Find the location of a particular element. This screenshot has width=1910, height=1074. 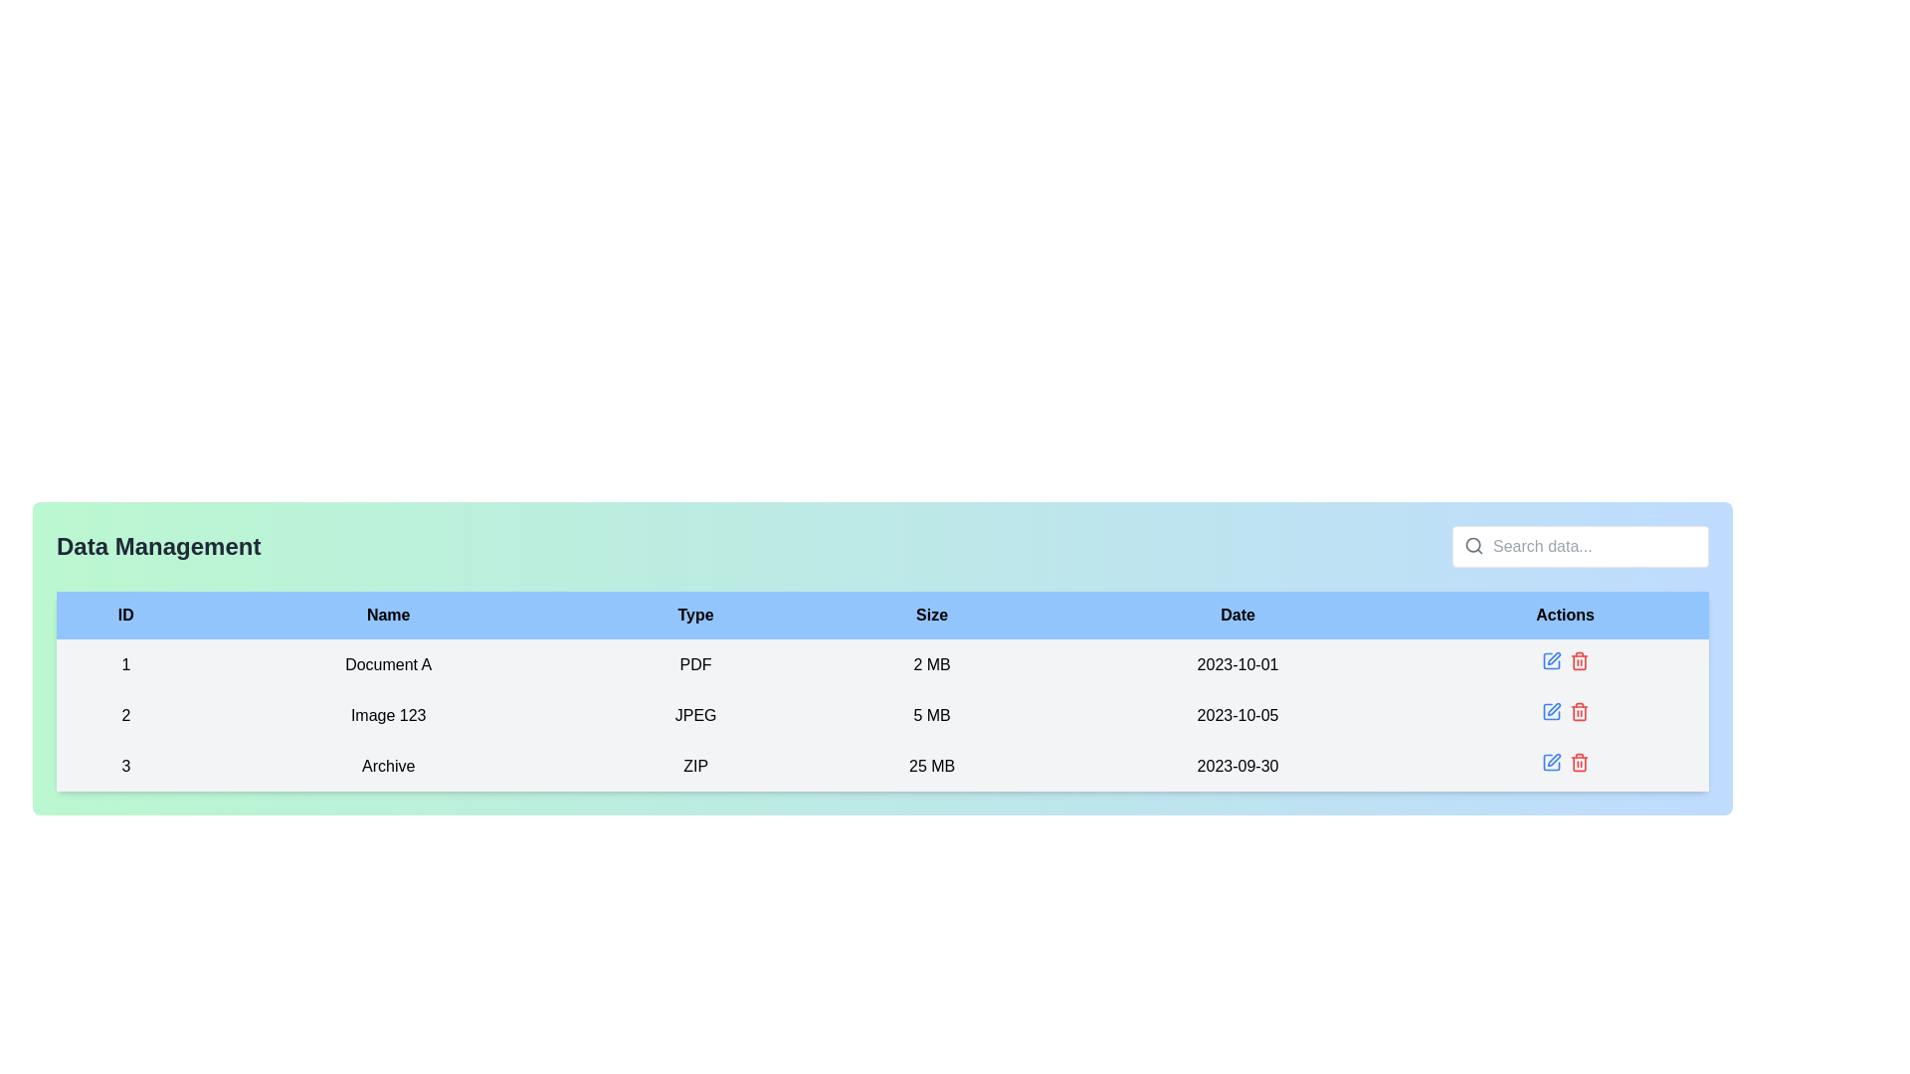

the pen icon located in the actions column of the third row of the data table is located at coordinates (1553, 658).